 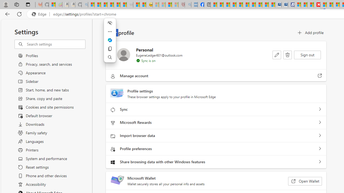 I want to click on 'Add profile', so click(x=310, y=33).